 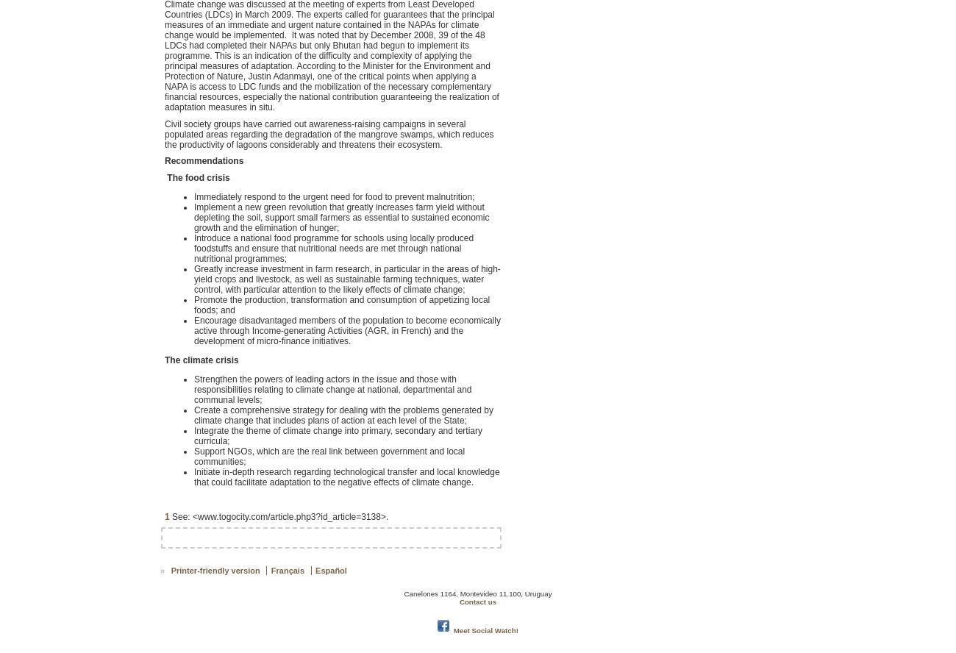 I want to click on '1', so click(x=165, y=515).